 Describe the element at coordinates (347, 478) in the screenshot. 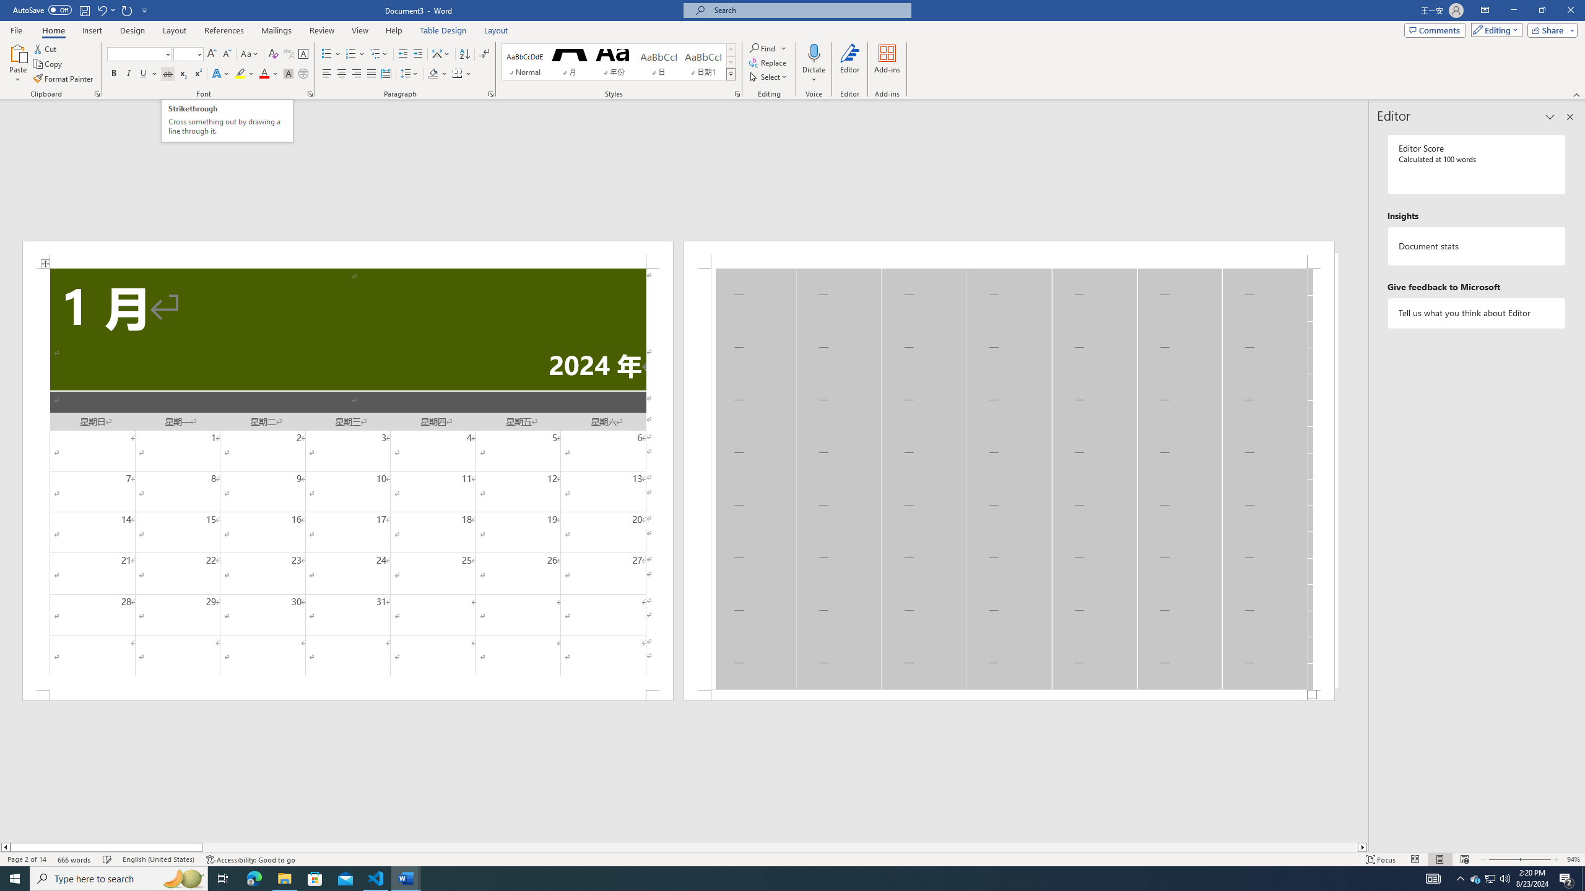

I see `'Page 1 content'` at that location.